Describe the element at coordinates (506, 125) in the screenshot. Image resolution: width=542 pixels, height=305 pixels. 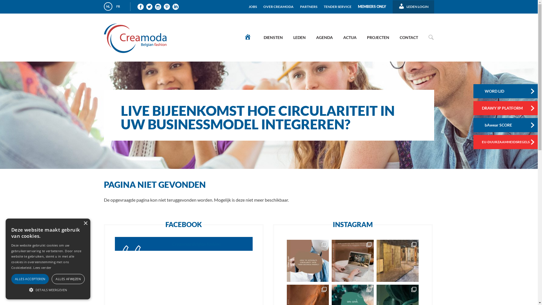
I see `'bAwear SCORE'` at that location.